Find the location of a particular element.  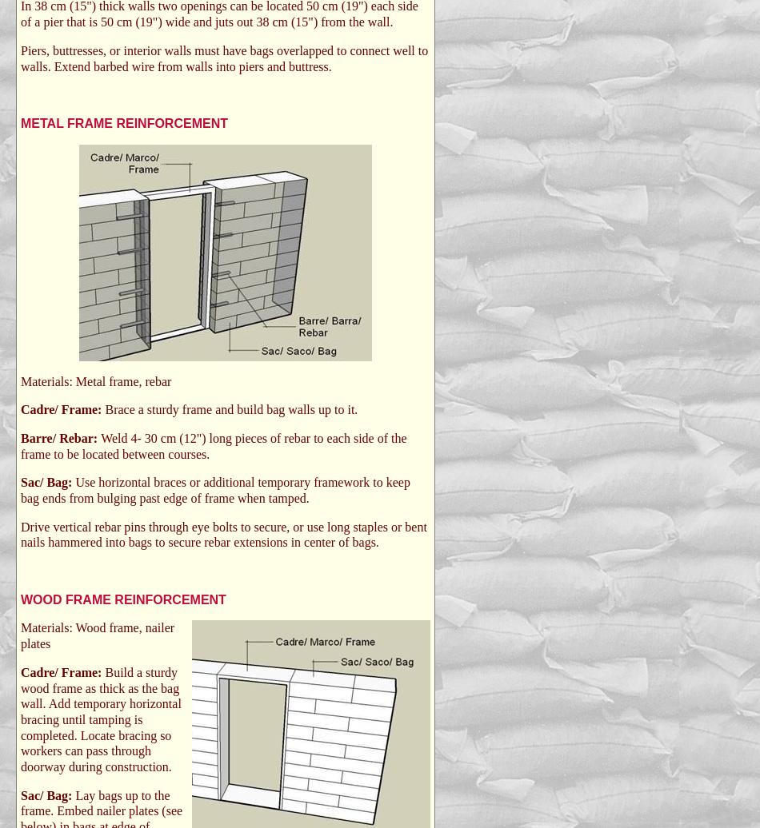

'METAL FRAME REINFORCEMENT' is located at coordinates (124, 122).